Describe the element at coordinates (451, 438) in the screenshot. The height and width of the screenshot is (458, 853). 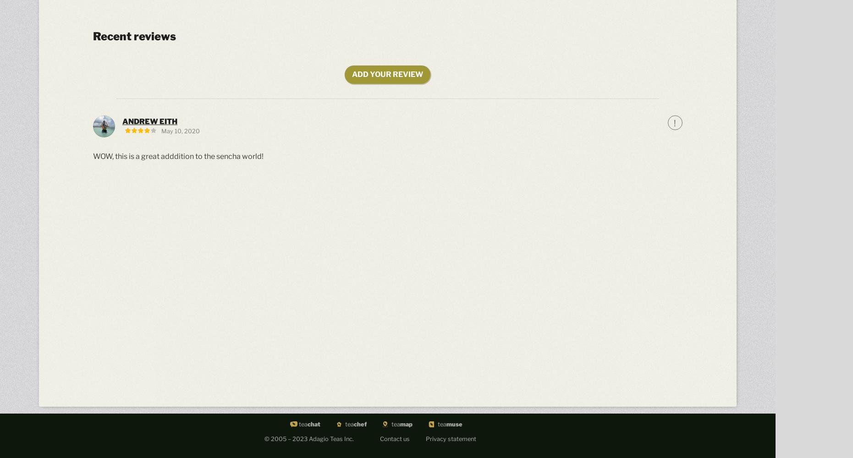
I see `'Privacy statement'` at that location.